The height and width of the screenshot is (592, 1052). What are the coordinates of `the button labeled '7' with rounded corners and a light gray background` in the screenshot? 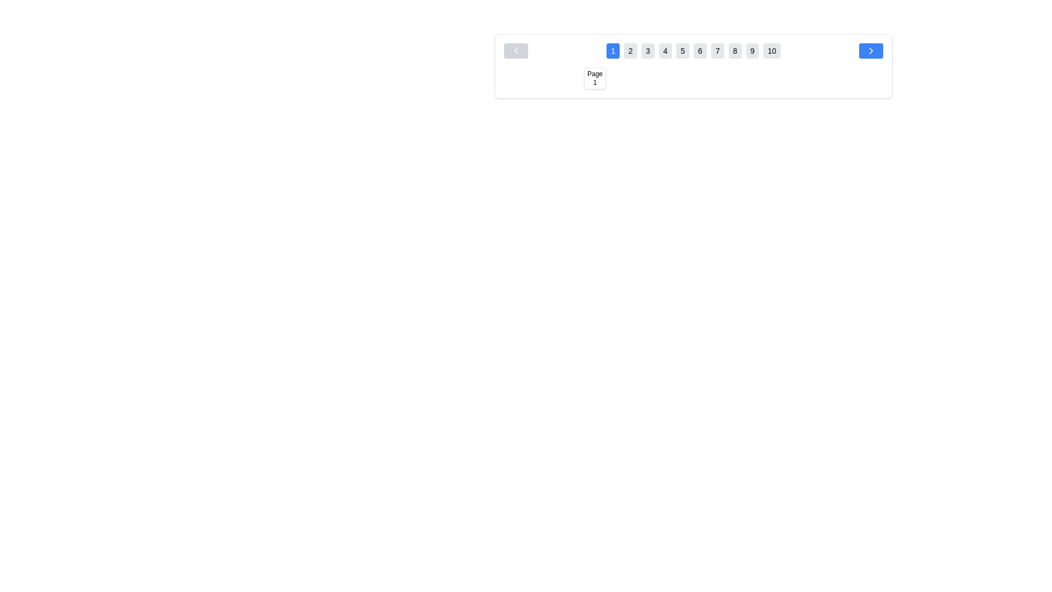 It's located at (717, 50).